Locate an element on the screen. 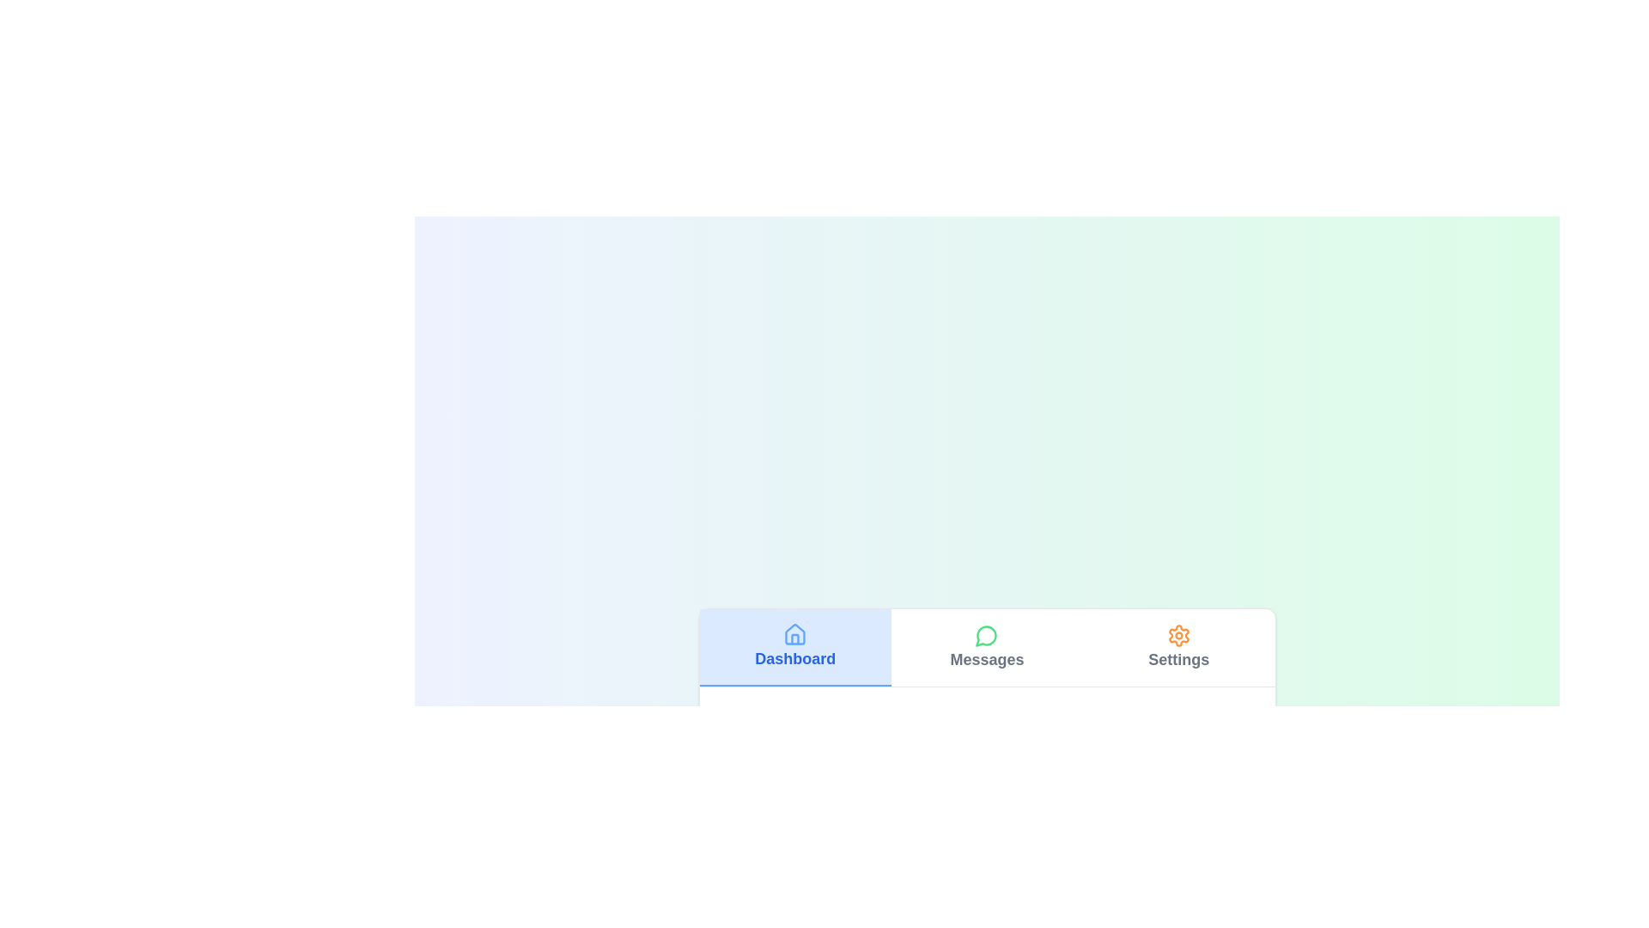  the Dashboard tab by clicking on its corresponding button is located at coordinates (794, 646).